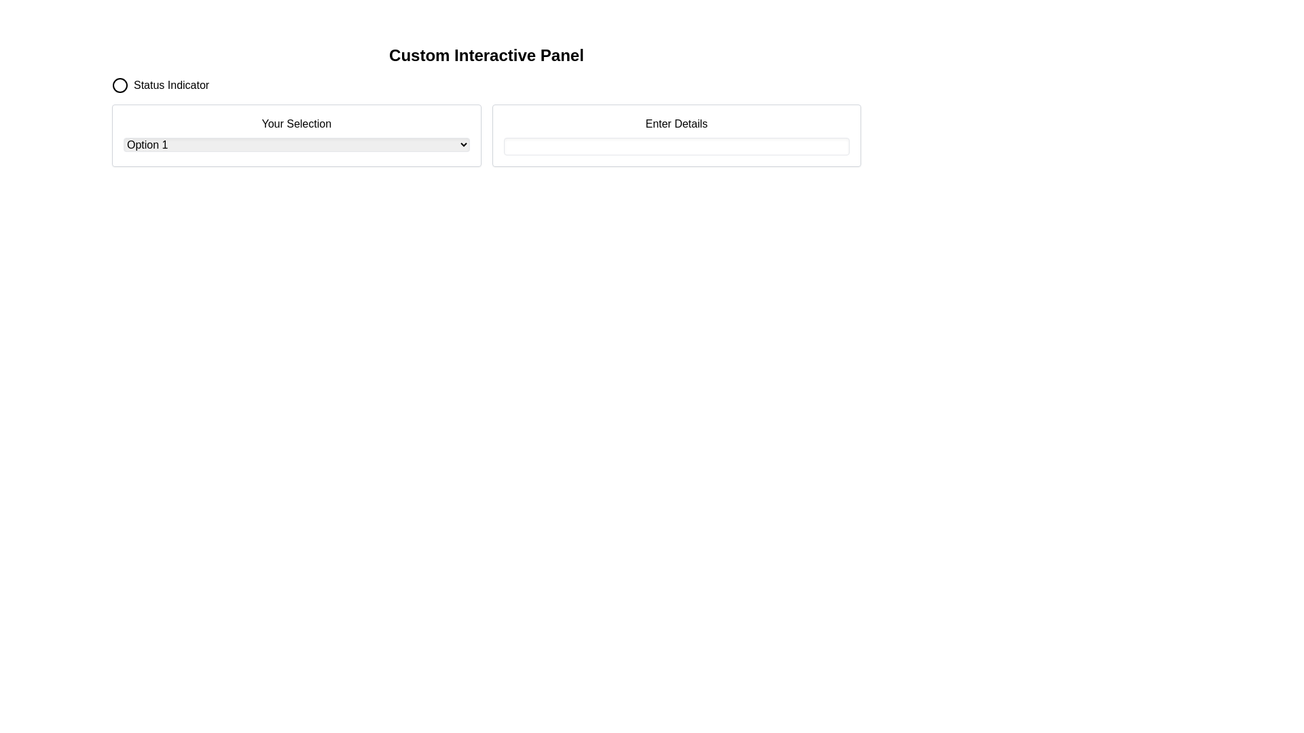  I want to click on the descriptive label located in the top half of the panel, part of the second section on the right, positioned above the input field, so click(676, 124).